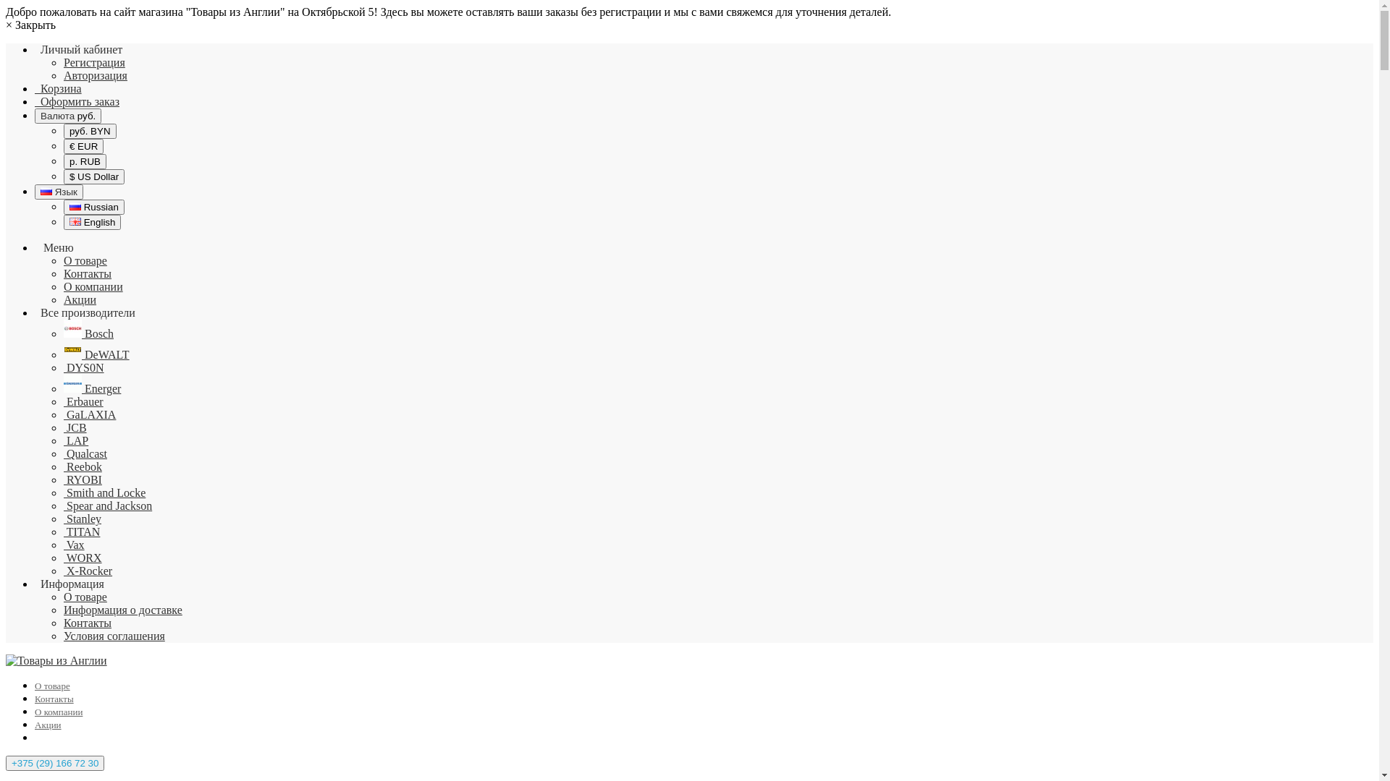  Describe the element at coordinates (55, 762) in the screenshot. I see `'+375 (29) 166 72 30'` at that location.